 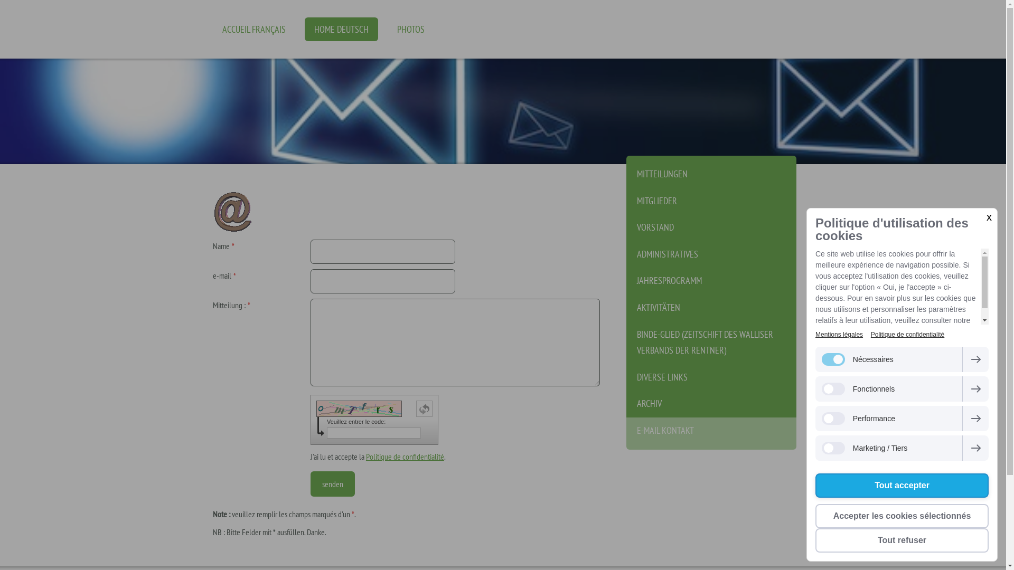 I want to click on 'E-MAIL KONTAKT', so click(x=711, y=433).